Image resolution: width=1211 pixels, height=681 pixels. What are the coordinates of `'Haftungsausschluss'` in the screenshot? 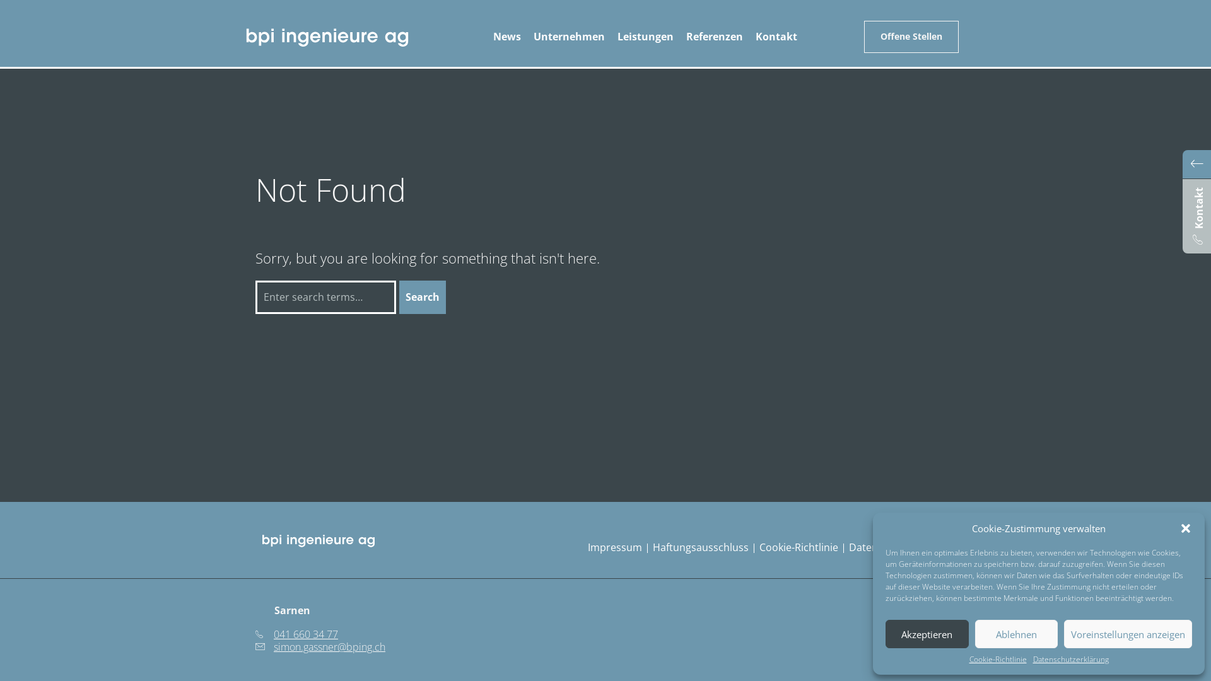 It's located at (653, 546).